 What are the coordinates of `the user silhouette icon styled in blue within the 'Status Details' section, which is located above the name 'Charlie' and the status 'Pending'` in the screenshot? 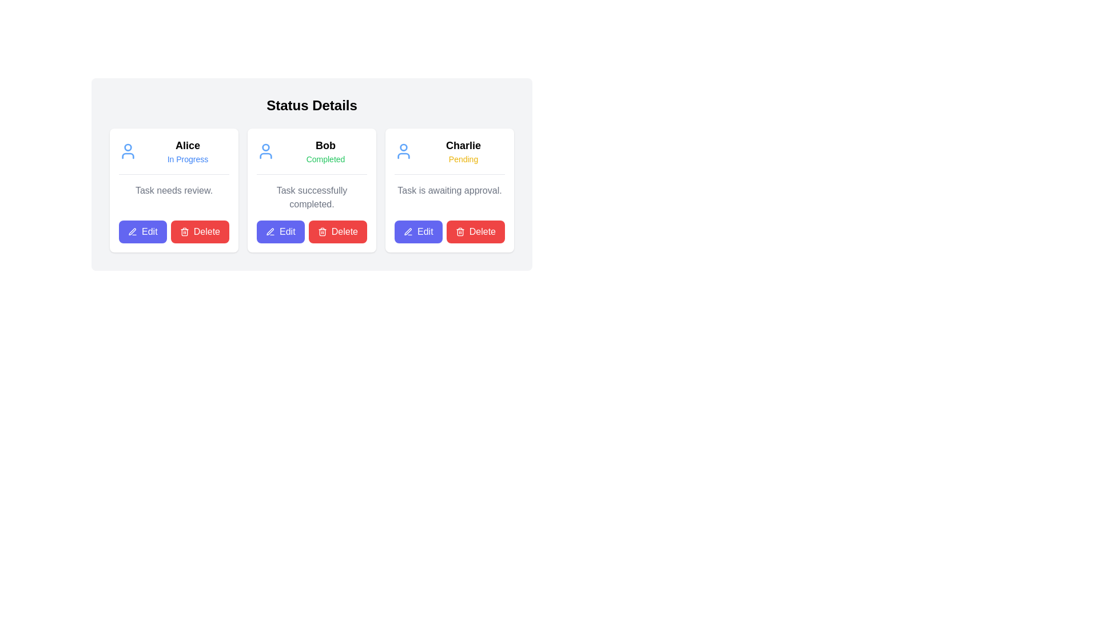 It's located at (403, 151).